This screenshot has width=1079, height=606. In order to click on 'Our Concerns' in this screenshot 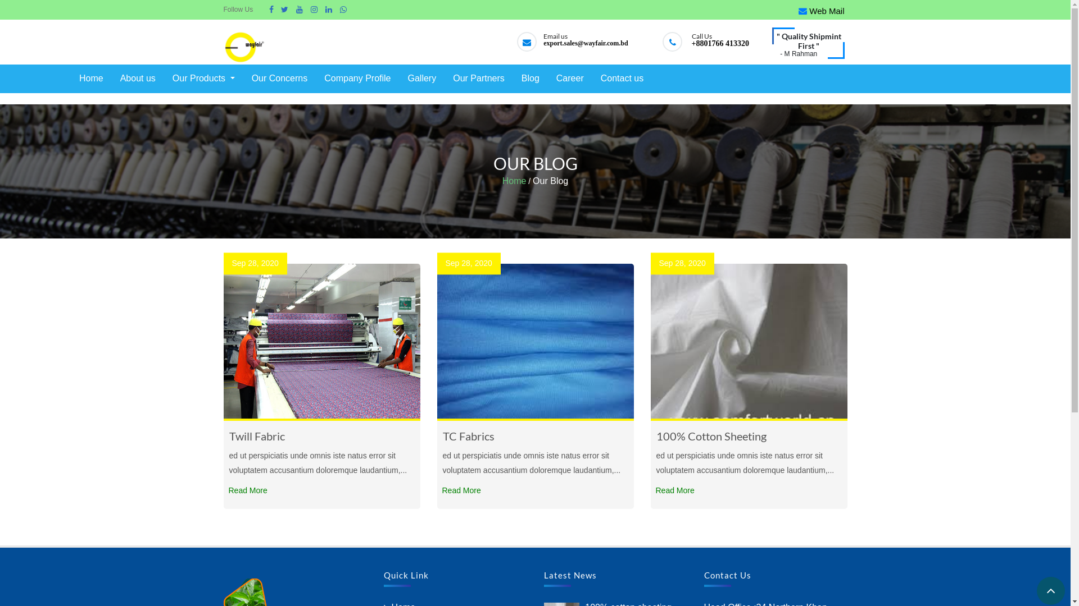, I will do `click(248, 78)`.